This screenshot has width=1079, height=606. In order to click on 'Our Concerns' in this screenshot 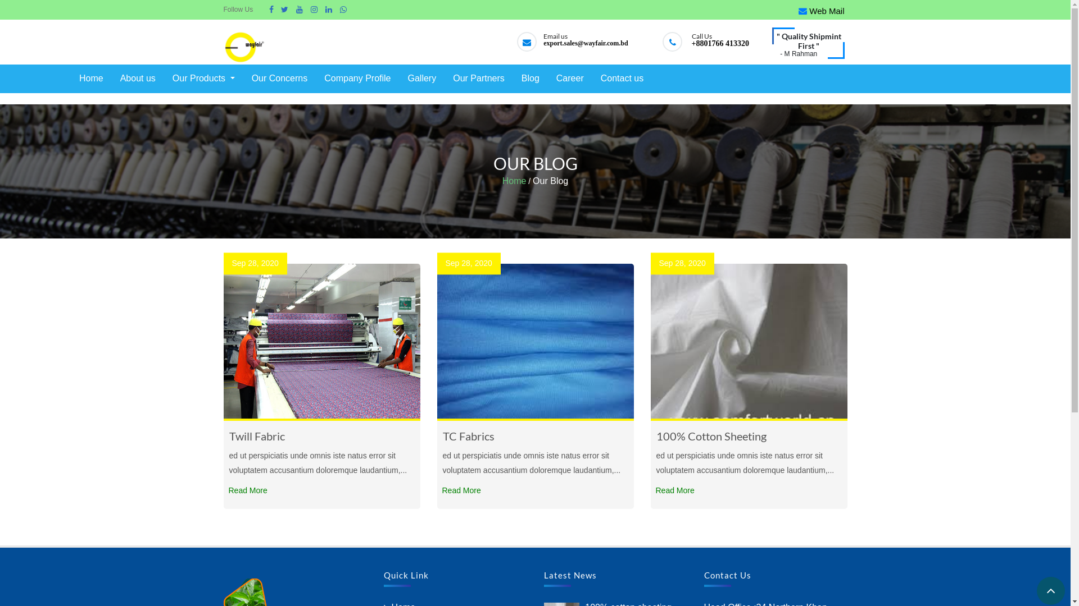, I will do `click(248, 78)`.